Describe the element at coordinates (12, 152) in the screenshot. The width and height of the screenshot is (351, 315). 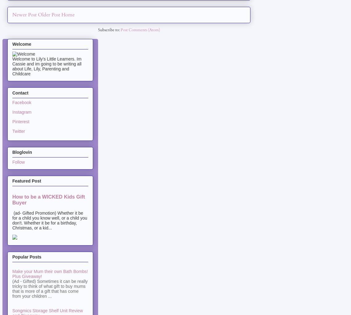
I see `'Bloglovin'` at that location.